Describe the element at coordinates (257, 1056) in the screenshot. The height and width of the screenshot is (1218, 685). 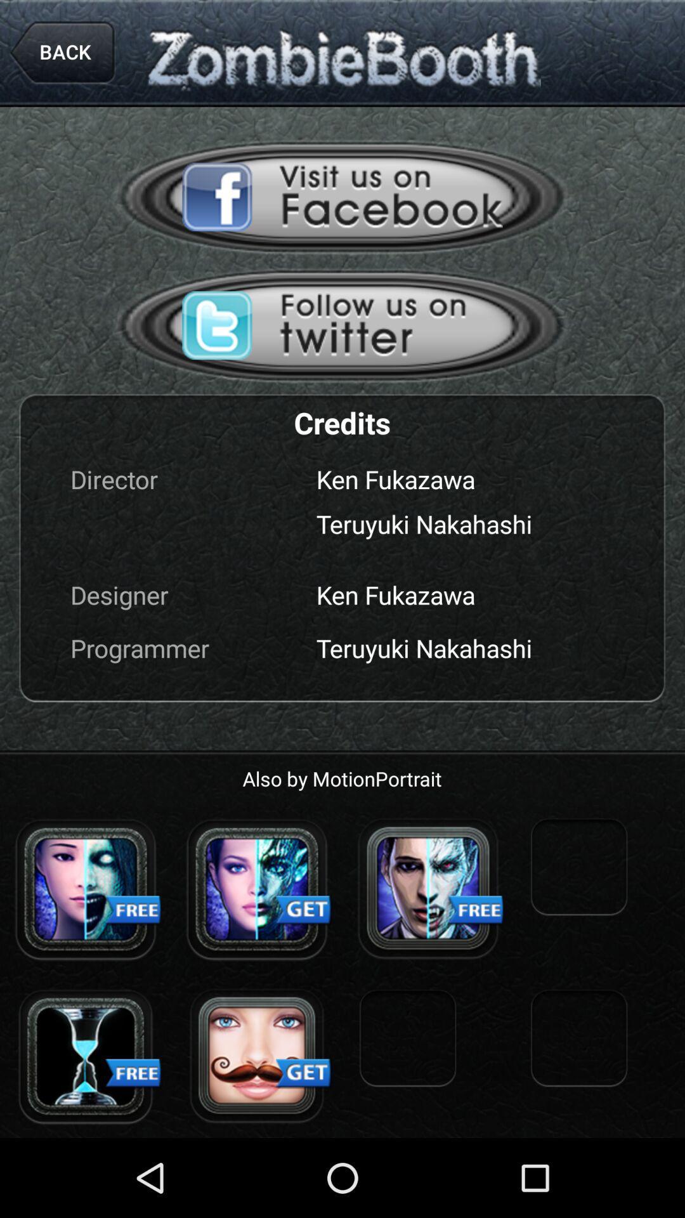
I see `mustache effect option` at that location.